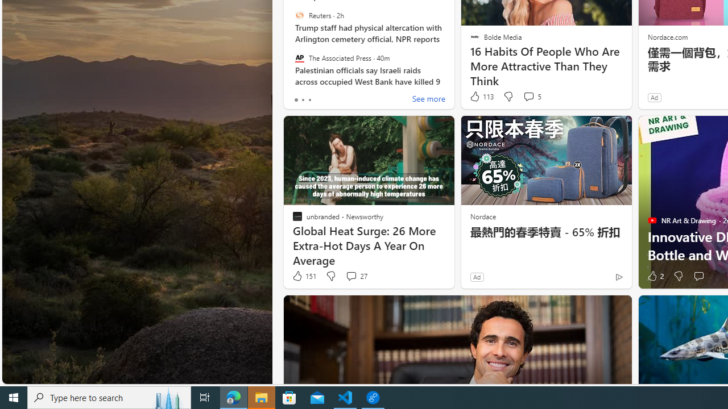 The width and height of the screenshot is (728, 409). What do you see at coordinates (698, 276) in the screenshot?
I see `'Start the conversation'` at bounding box center [698, 276].